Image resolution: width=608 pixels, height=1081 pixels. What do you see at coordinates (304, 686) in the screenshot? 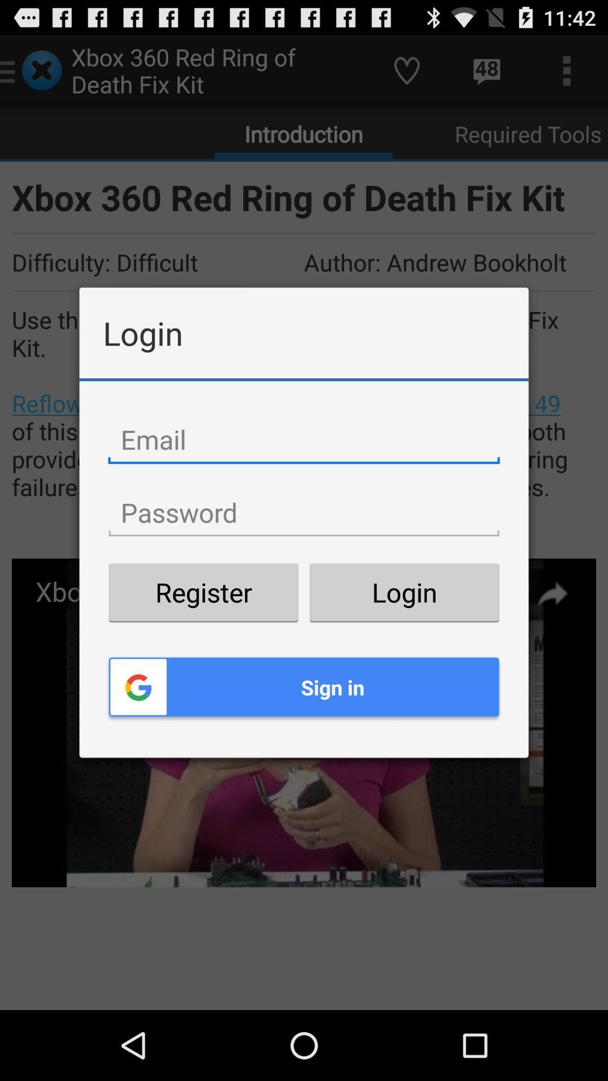
I see `the sign in item` at bounding box center [304, 686].